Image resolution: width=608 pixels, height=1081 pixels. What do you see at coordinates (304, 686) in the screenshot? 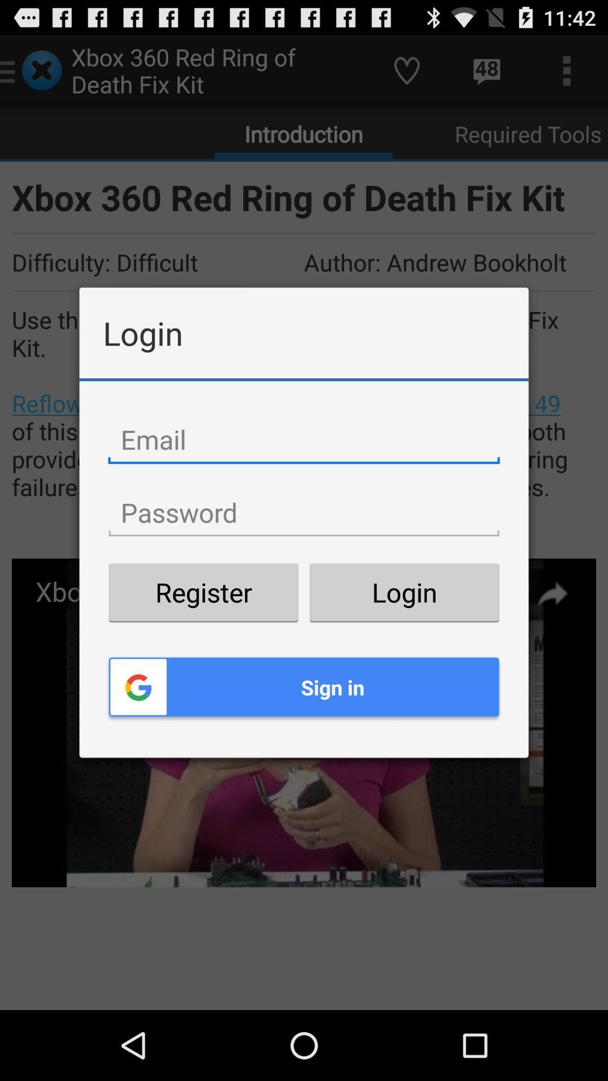
I see `the sign in item` at bounding box center [304, 686].